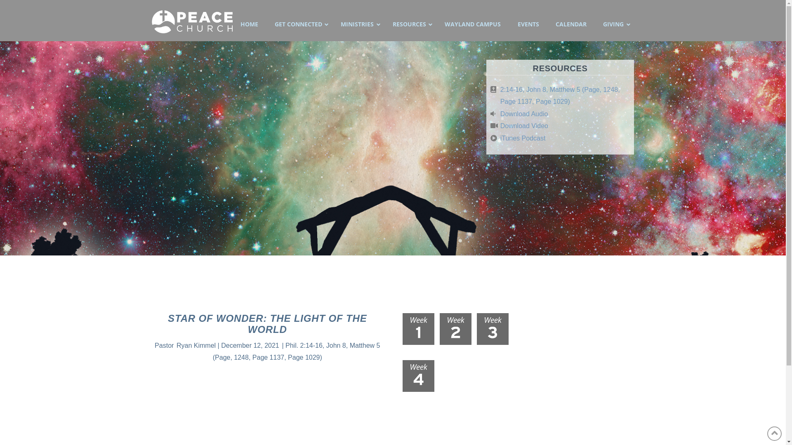  Describe the element at coordinates (473, 23) in the screenshot. I see `'WAYLAND CAMPUS'` at that location.